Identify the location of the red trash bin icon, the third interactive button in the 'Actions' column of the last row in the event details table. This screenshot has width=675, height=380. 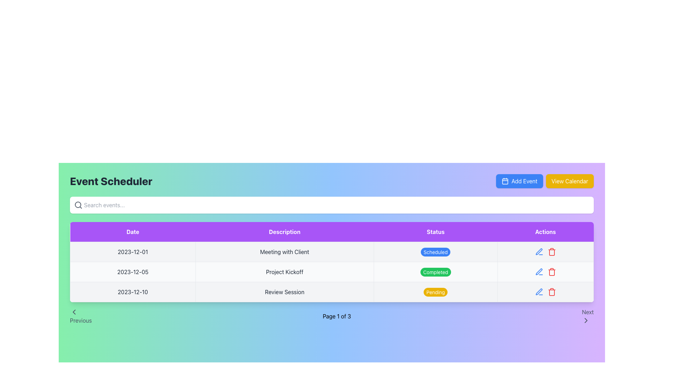
(551, 271).